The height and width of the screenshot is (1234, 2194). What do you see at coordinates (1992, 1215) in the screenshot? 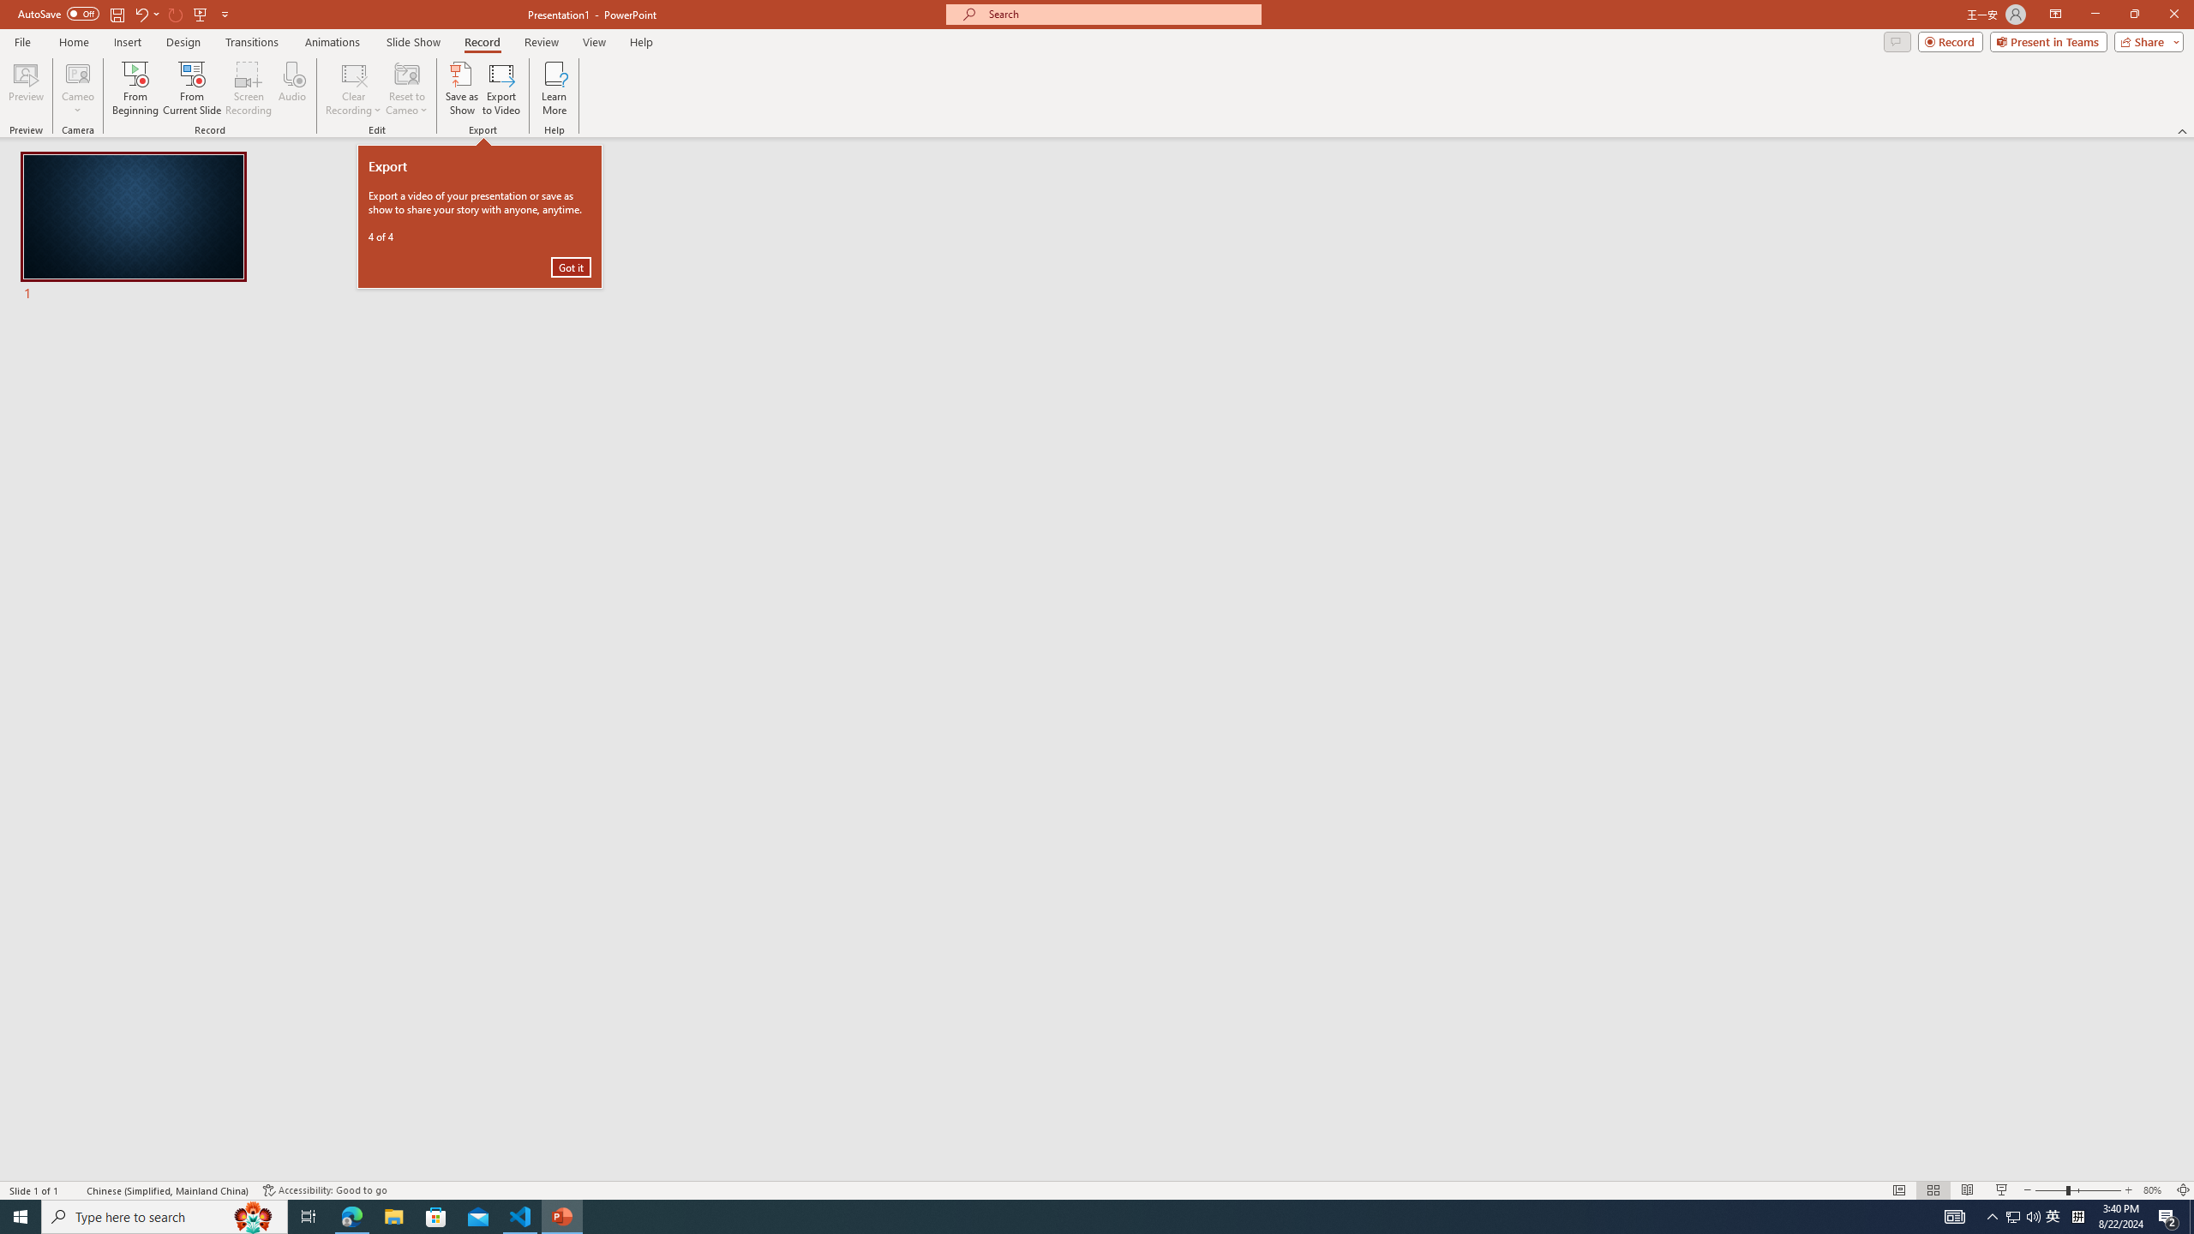
I see `'Zoom Out'` at bounding box center [1992, 1215].